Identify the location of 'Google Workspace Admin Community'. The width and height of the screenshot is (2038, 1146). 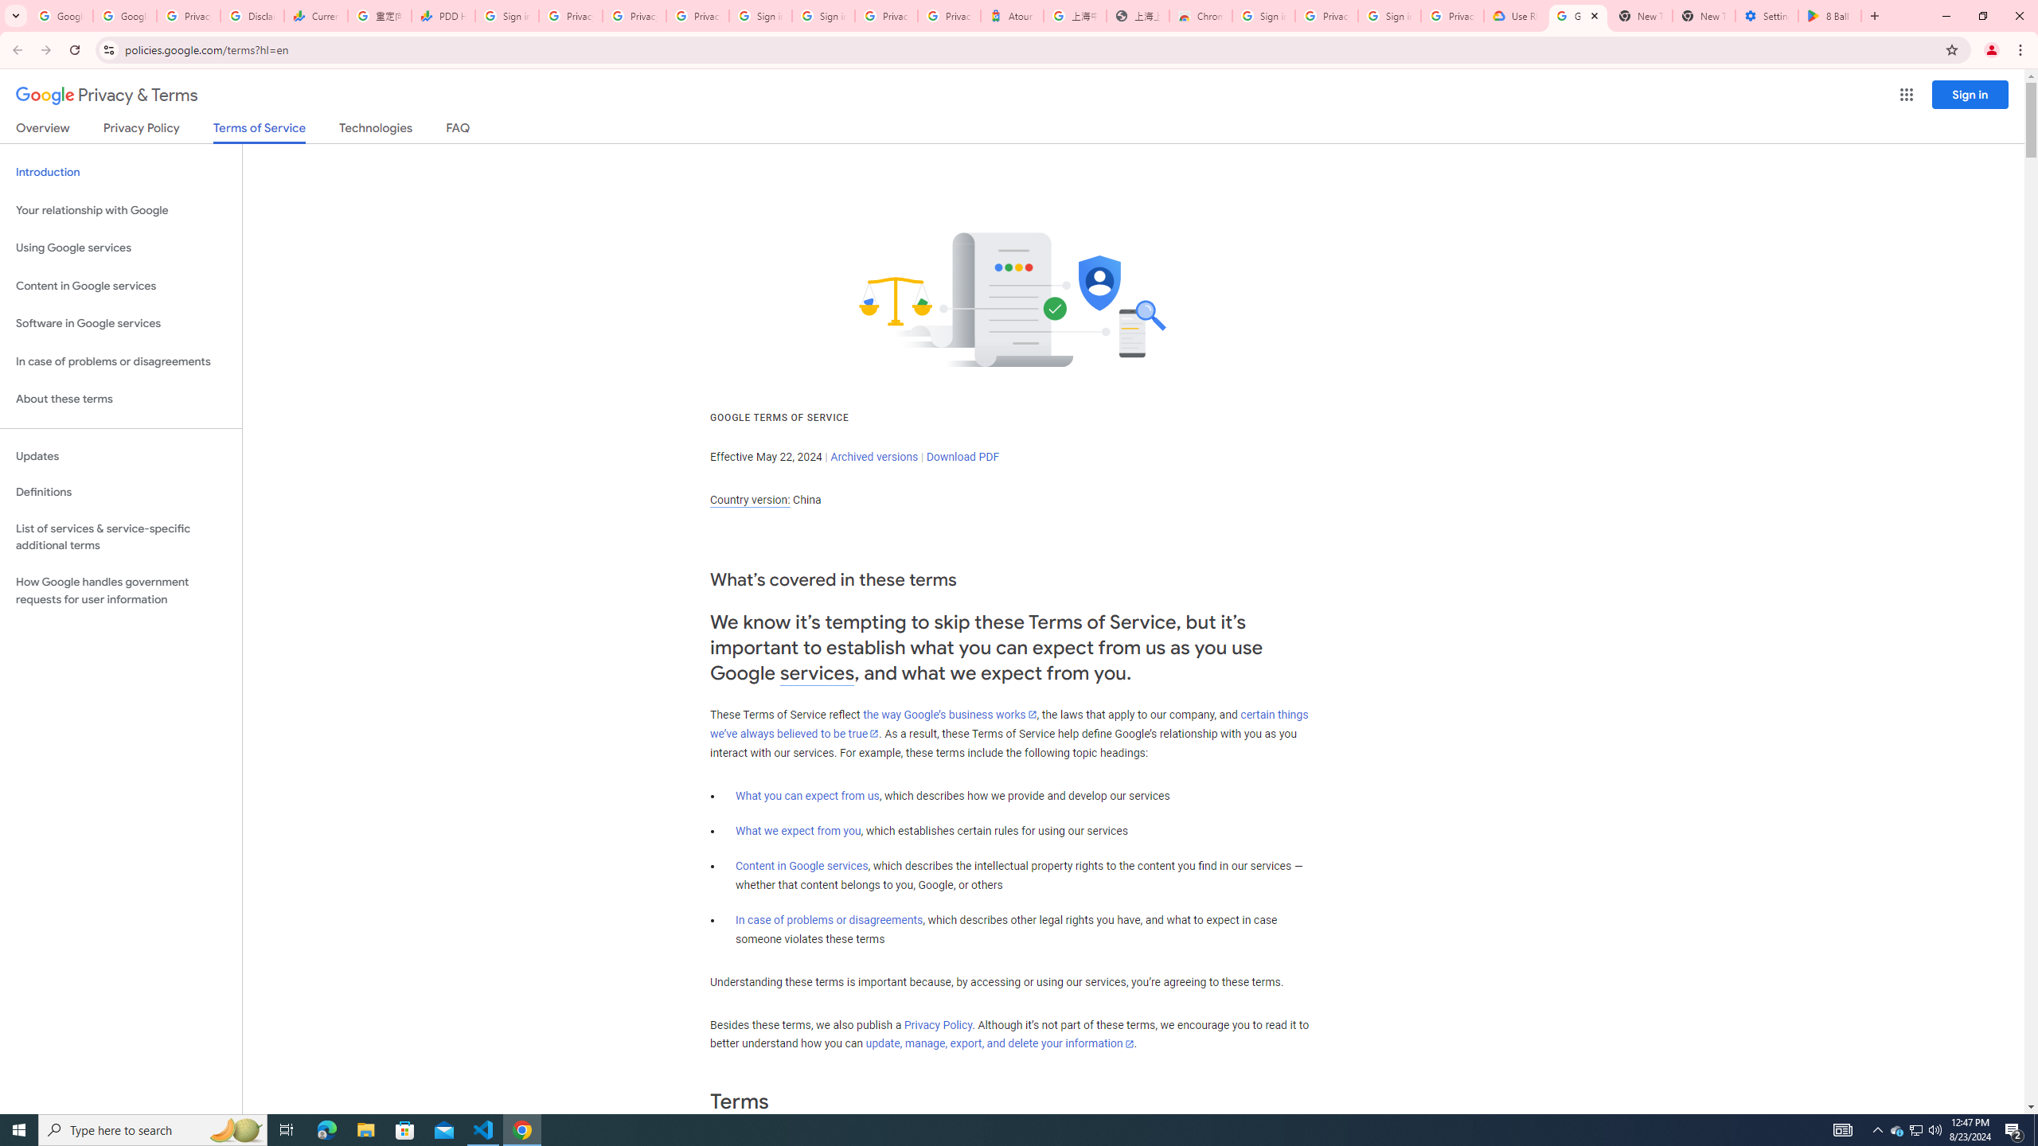
(61, 15).